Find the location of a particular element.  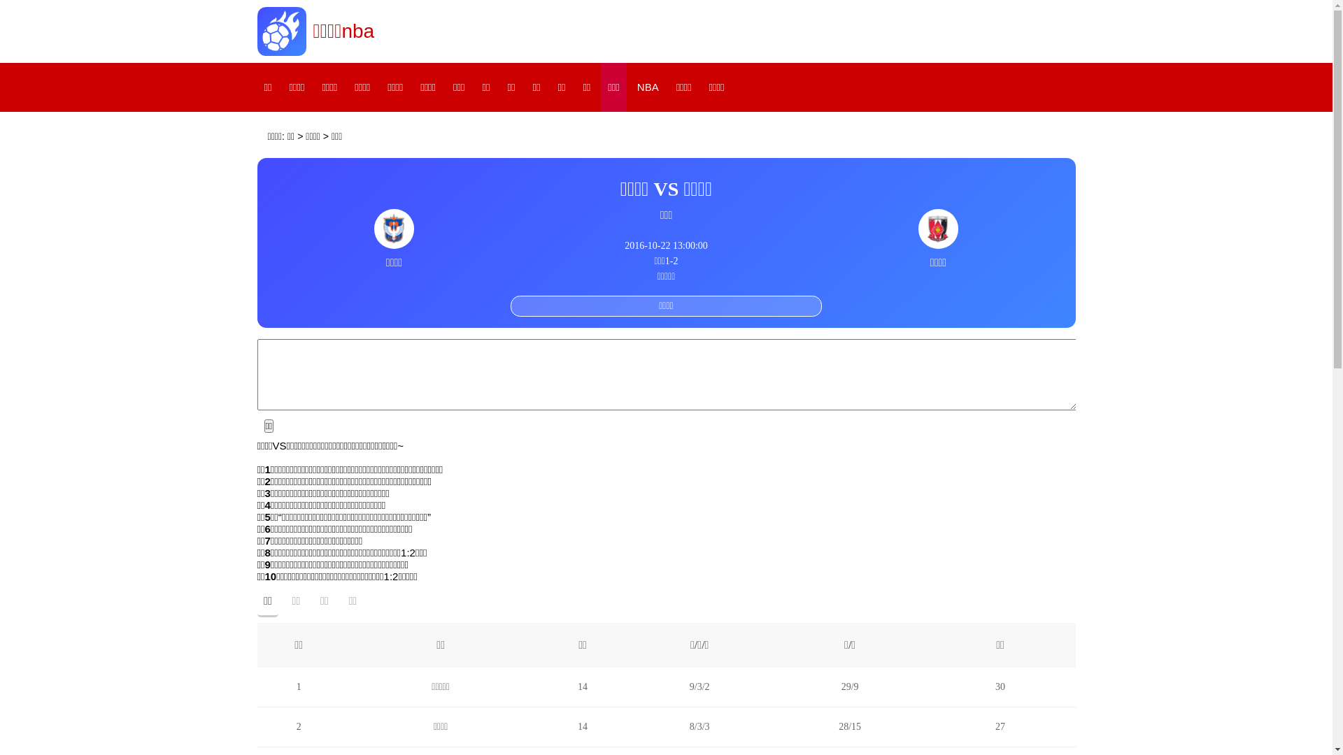

'NBA' is located at coordinates (630, 87).